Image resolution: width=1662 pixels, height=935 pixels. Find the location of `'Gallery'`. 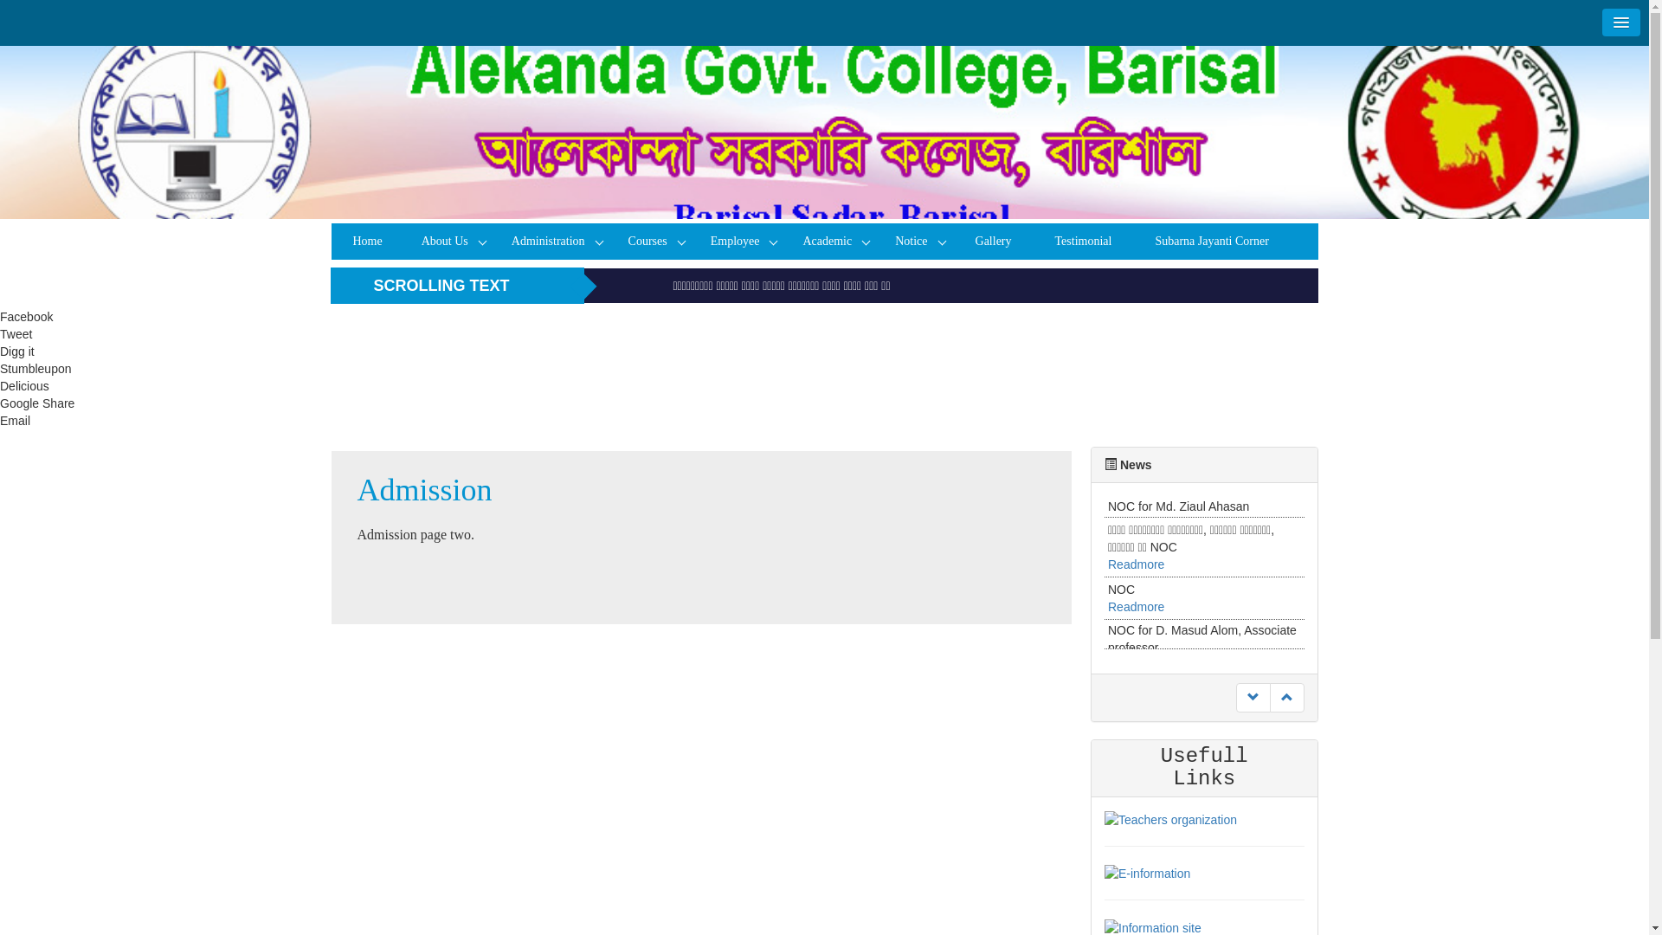

'Gallery' is located at coordinates (993, 241).